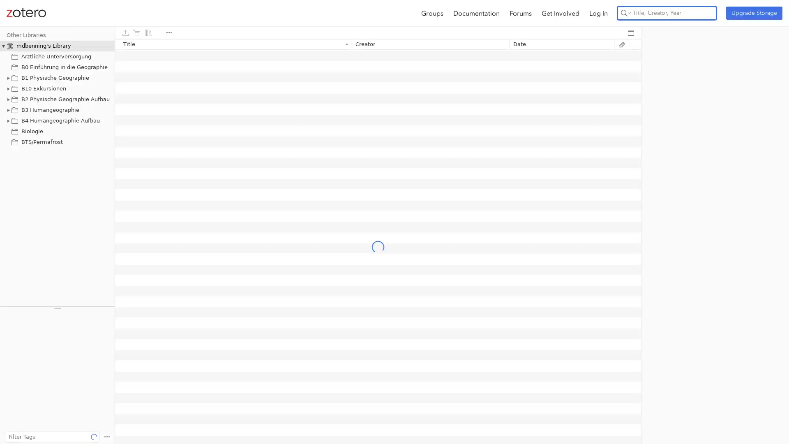 The width and height of the screenshot is (789, 444). I want to click on Climate change, so click(54, 358).